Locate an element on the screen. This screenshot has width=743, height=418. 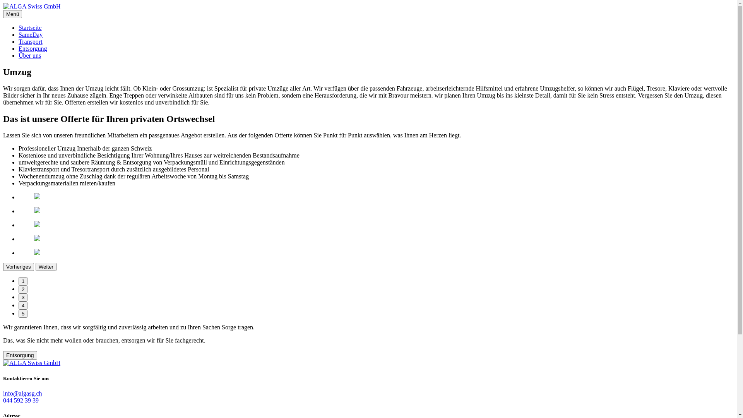
'Weiter' is located at coordinates (46, 266).